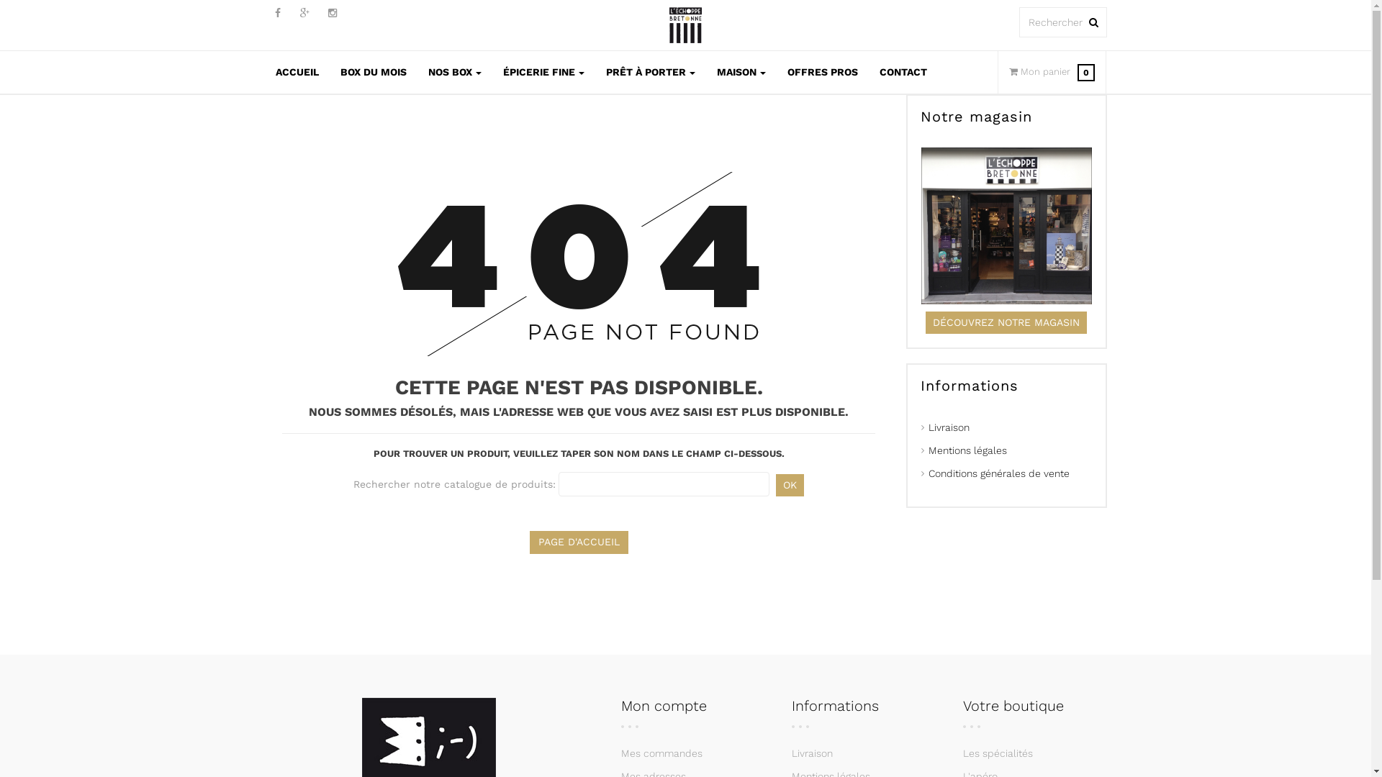  Describe the element at coordinates (579, 542) in the screenshot. I see `'PAGE D'ACCUEIL'` at that location.